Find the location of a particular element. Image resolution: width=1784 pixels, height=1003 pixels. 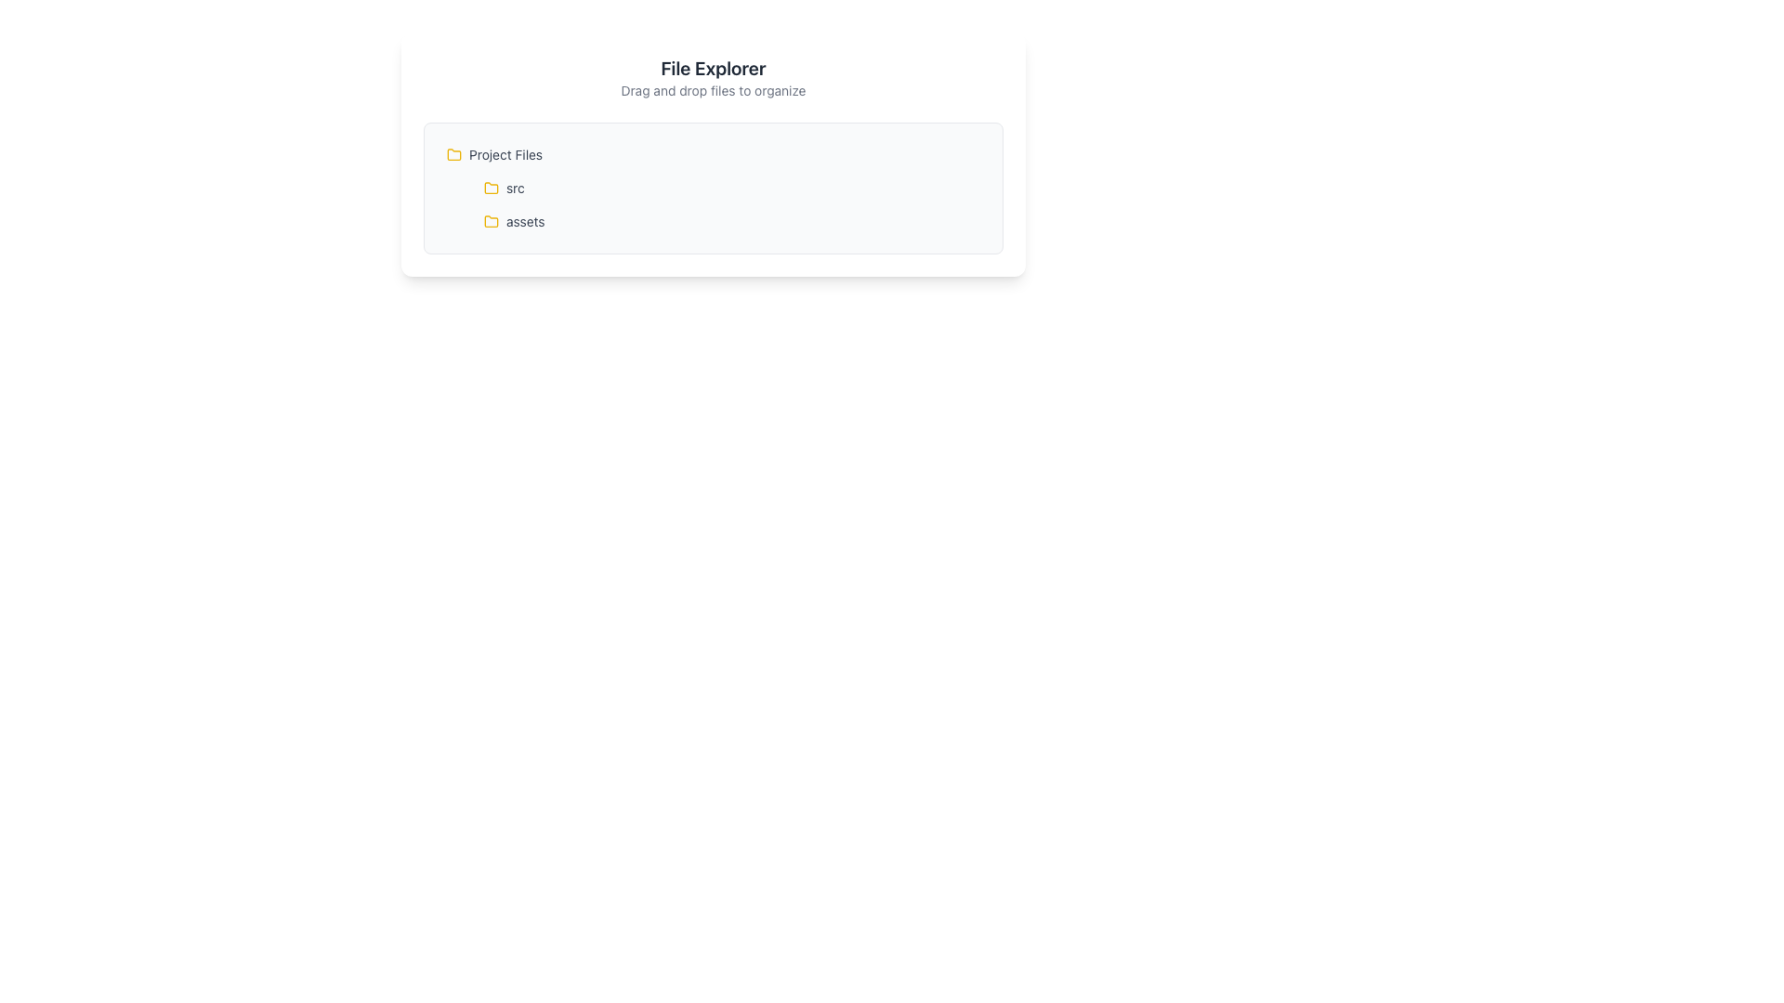

the 'assets' text label located to the right of the yellow folder icon in the file tree structure is located at coordinates (524, 221).